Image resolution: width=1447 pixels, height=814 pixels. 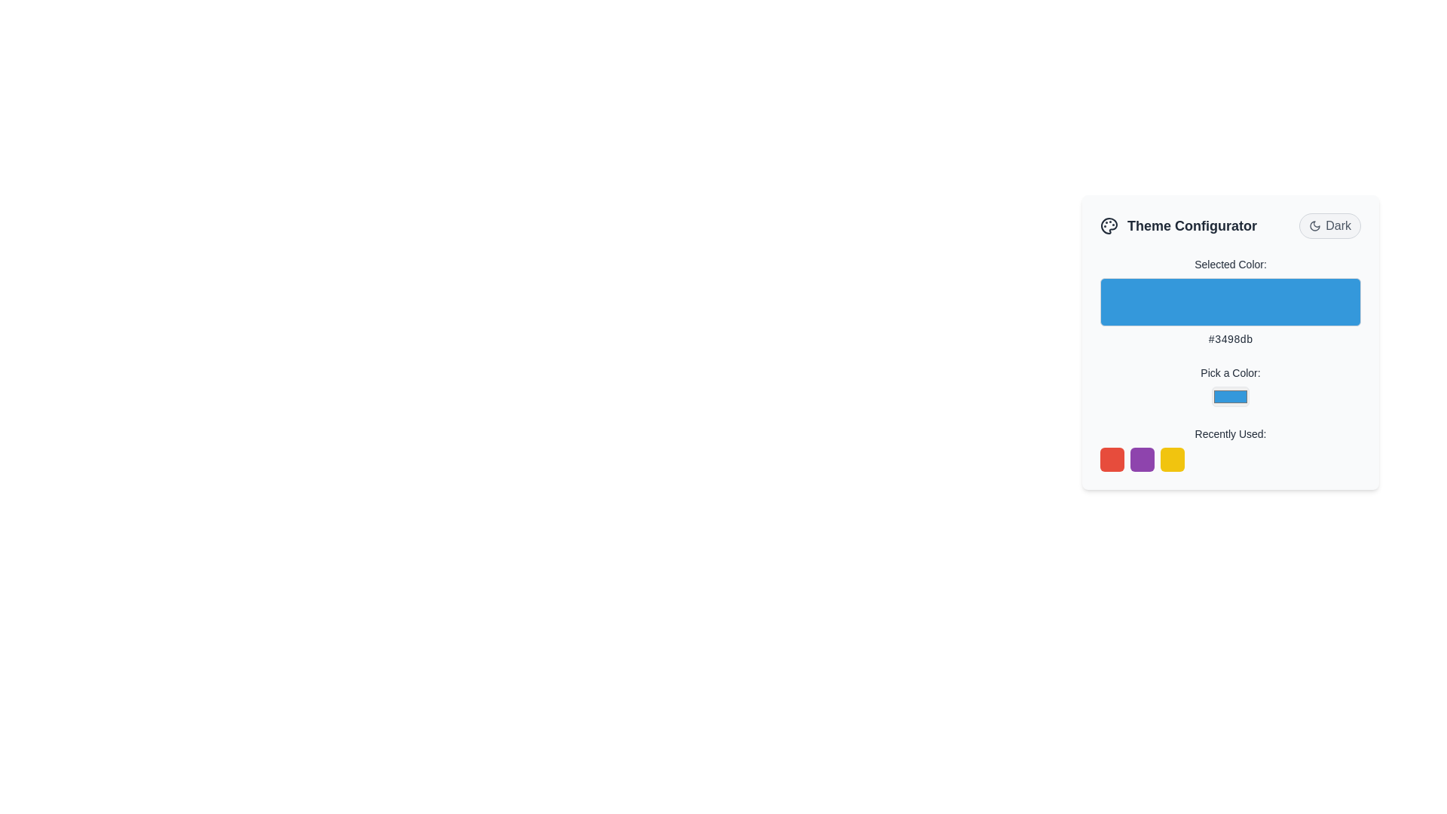 What do you see at coordinates (1143, 458) in the screenshot?
I see `the purple button` at bounding box center [1143, 458].